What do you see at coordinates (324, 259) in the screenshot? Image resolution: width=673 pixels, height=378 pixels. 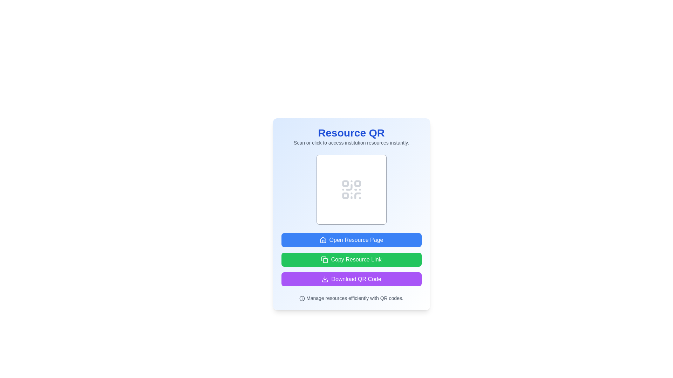 I see `the copy icon located inside the green 'Copy Resource Link' button, positioned towards the left edge just before the text label` at bounding box center [324, 259].